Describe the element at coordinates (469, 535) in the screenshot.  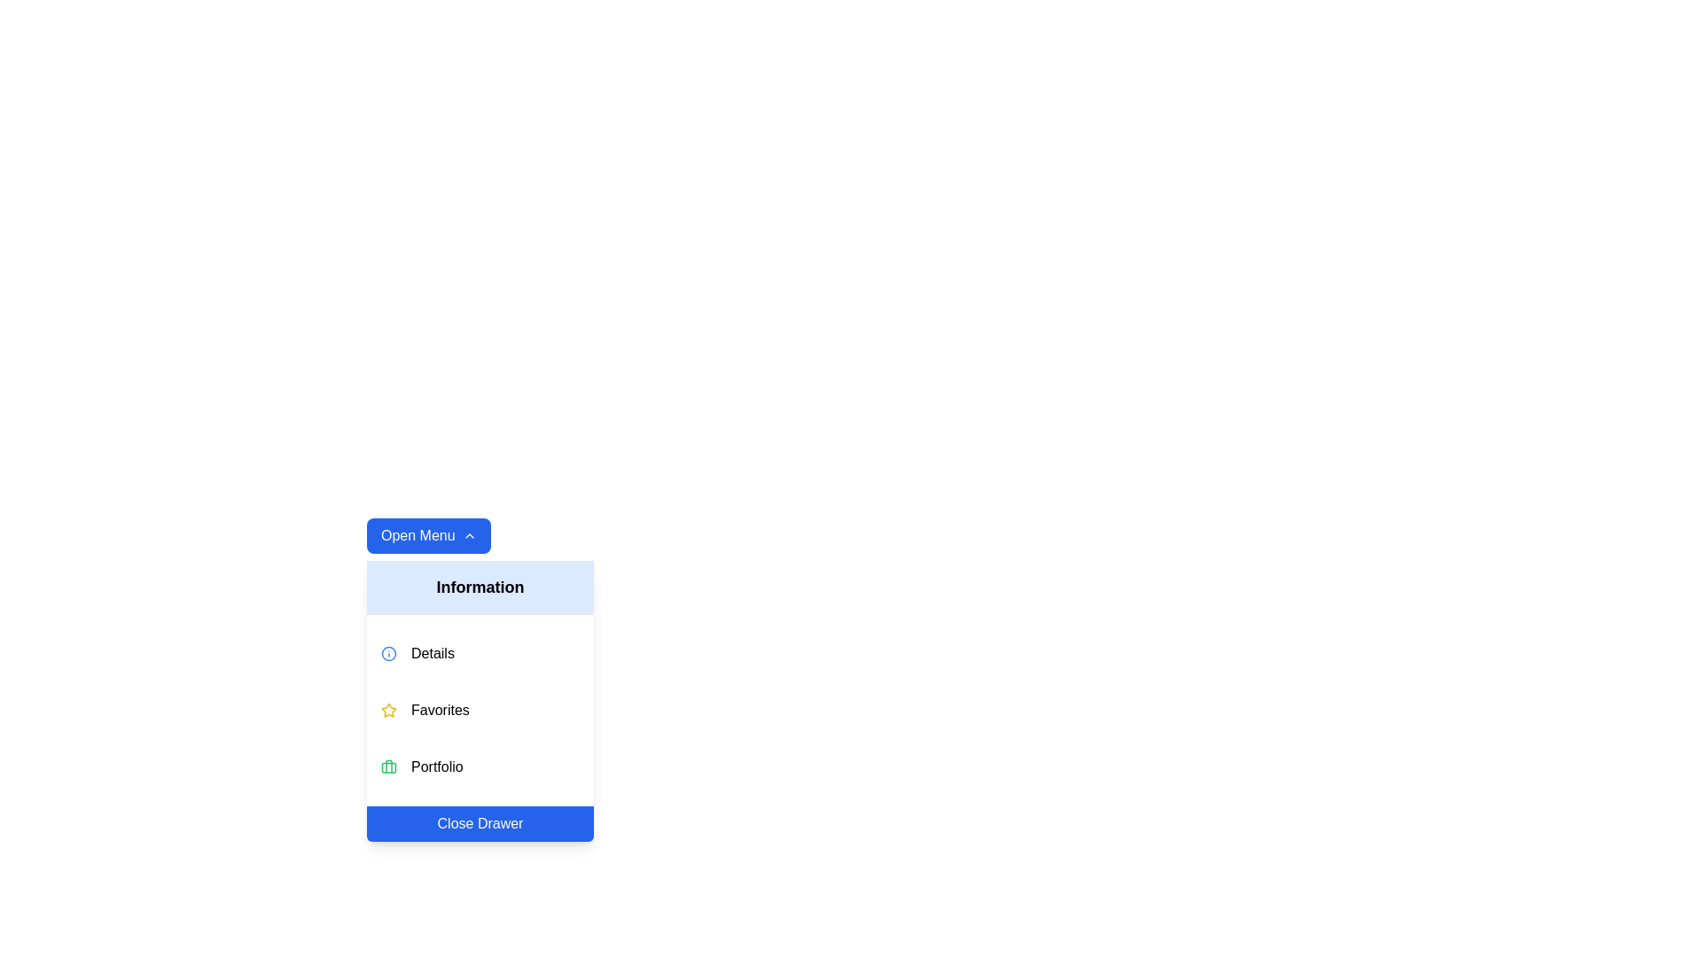
I see `the small upward-pointing chevron icon located within the 'Open Menu' button, which is styled with a thin line and rendered in white against a blue background` at that location.